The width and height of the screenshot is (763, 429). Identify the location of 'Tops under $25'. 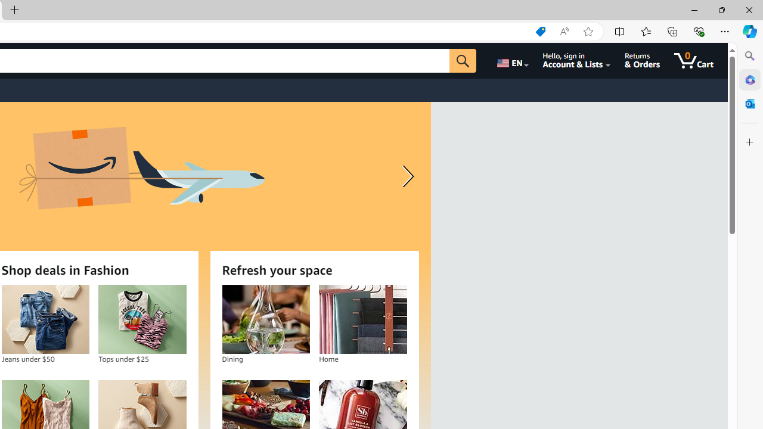
(142, 319).